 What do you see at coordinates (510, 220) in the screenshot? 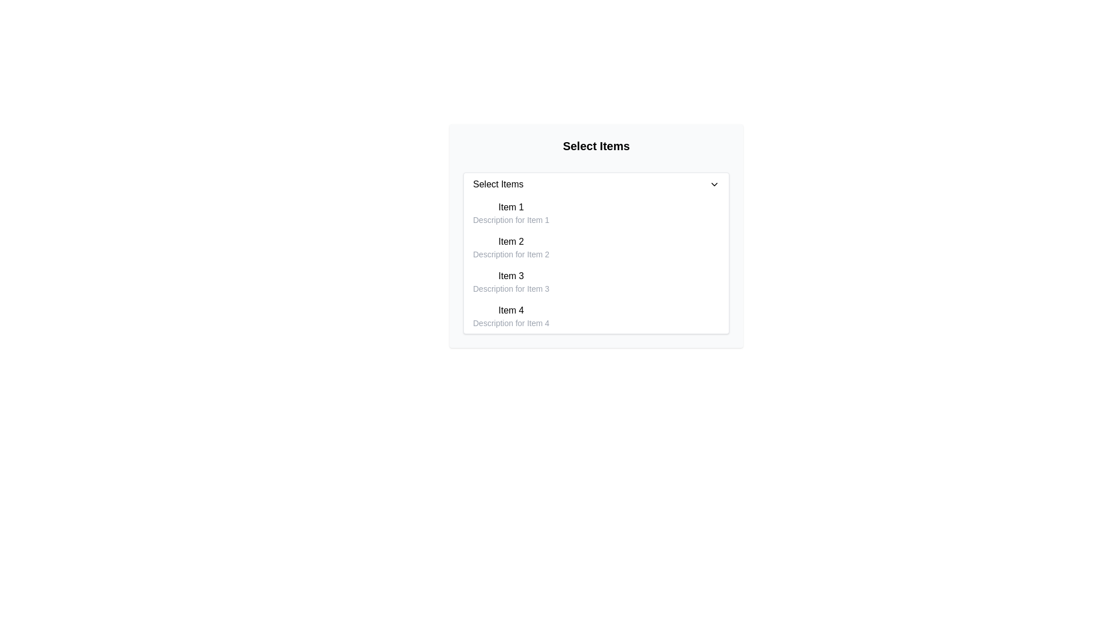
I see `text label that reads 'Description for Item 1,' which is styled in gray and located directly underneath the bold text 'Item 1.'` at bounding box center [510, 220].